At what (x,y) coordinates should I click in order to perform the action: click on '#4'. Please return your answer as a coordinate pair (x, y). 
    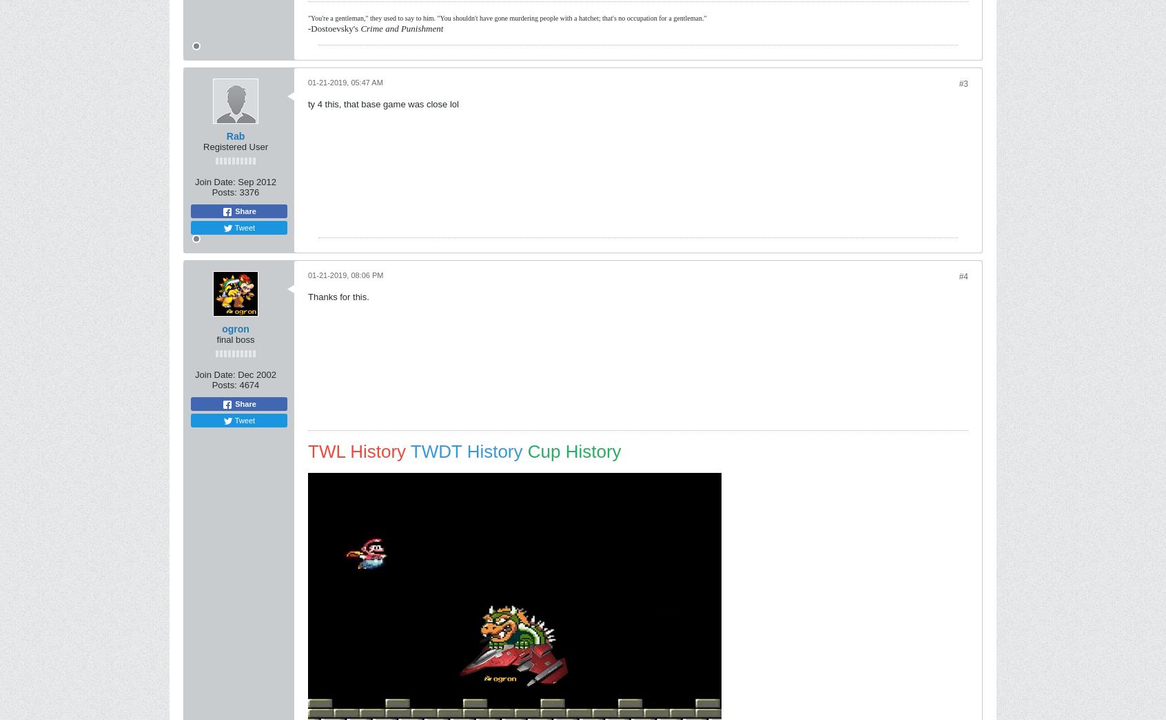
    Looking at the image, I should click on (963, 276).